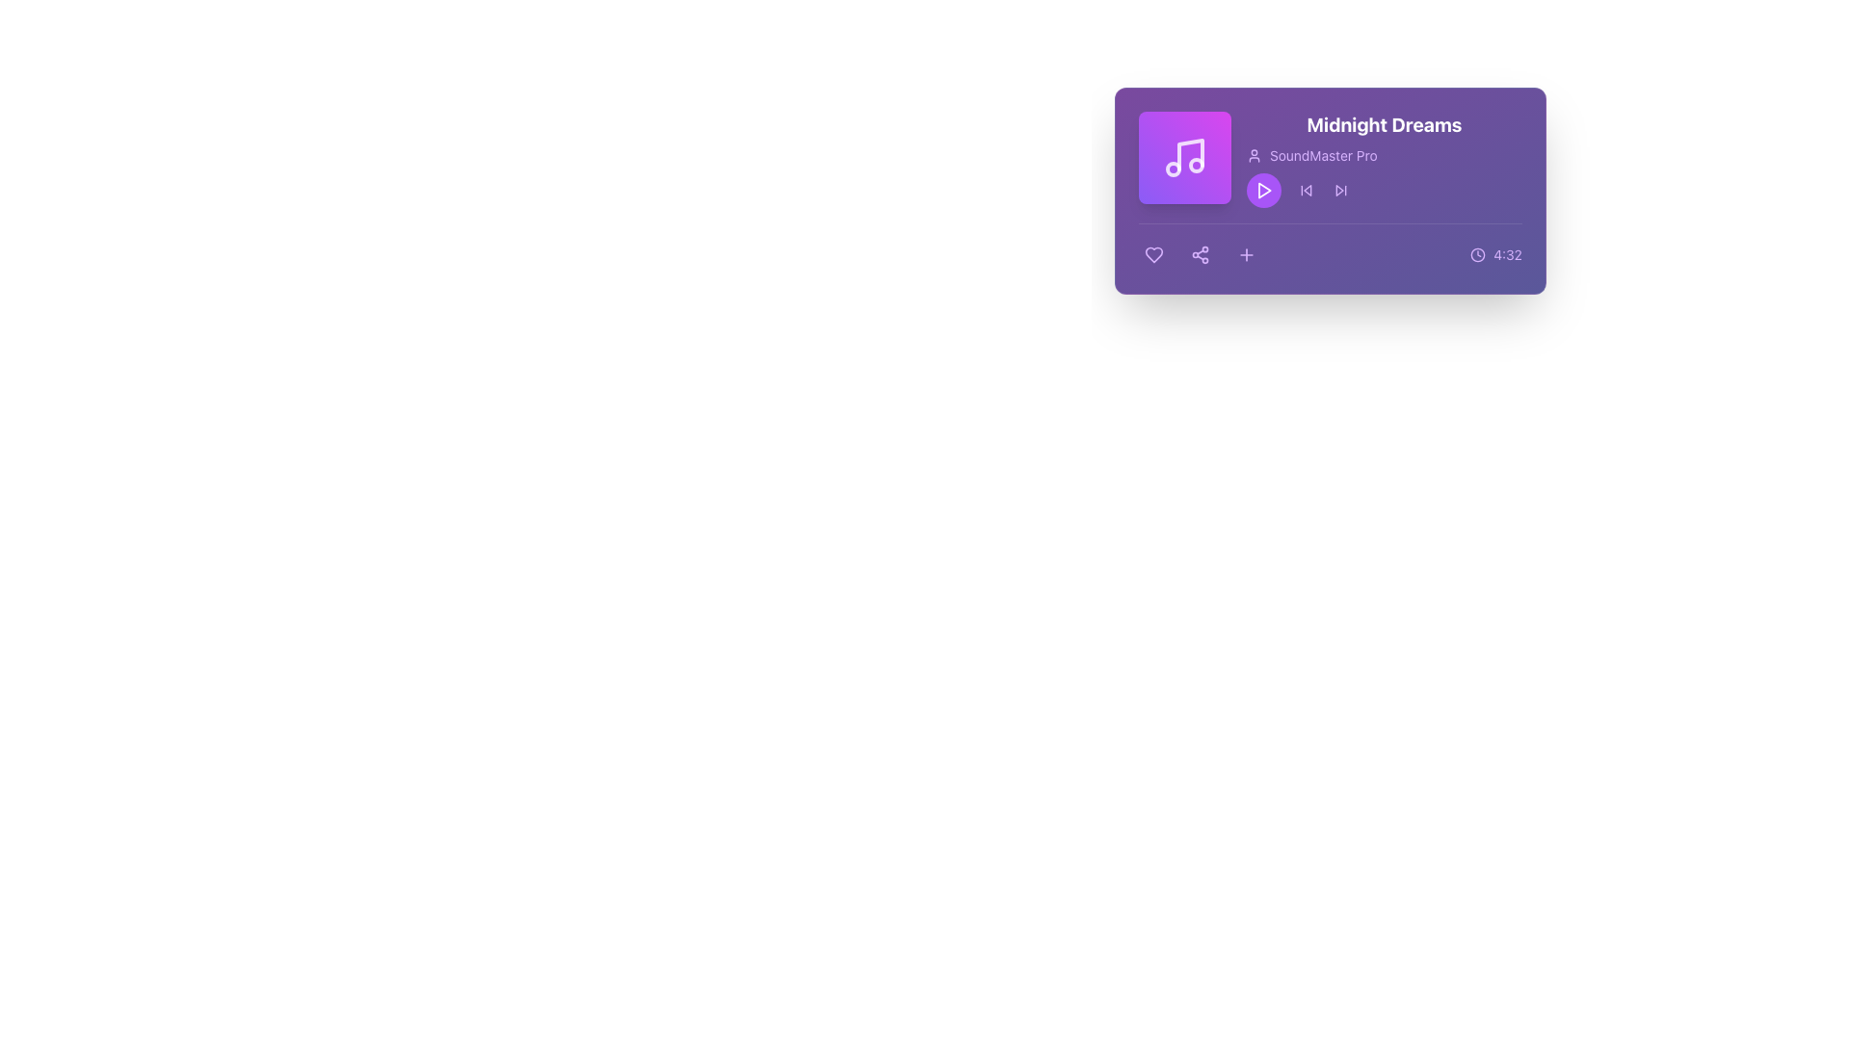 This screenshot has width=1850, height=1040. I want to click on the music icon located in the upper-left section, to the left of the title 'Midnight Dreams', so click(1183, 157).